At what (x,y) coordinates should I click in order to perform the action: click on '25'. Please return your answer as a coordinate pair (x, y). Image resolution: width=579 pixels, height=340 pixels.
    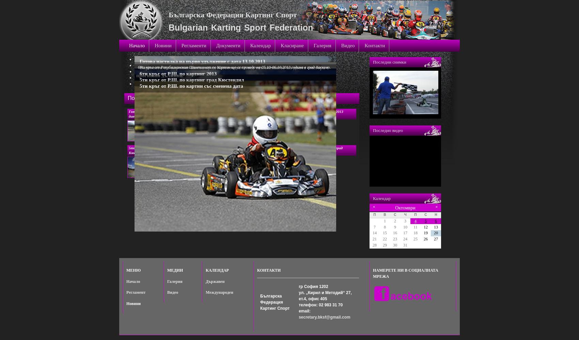
    Looking at the image, I should click on (415, 239).